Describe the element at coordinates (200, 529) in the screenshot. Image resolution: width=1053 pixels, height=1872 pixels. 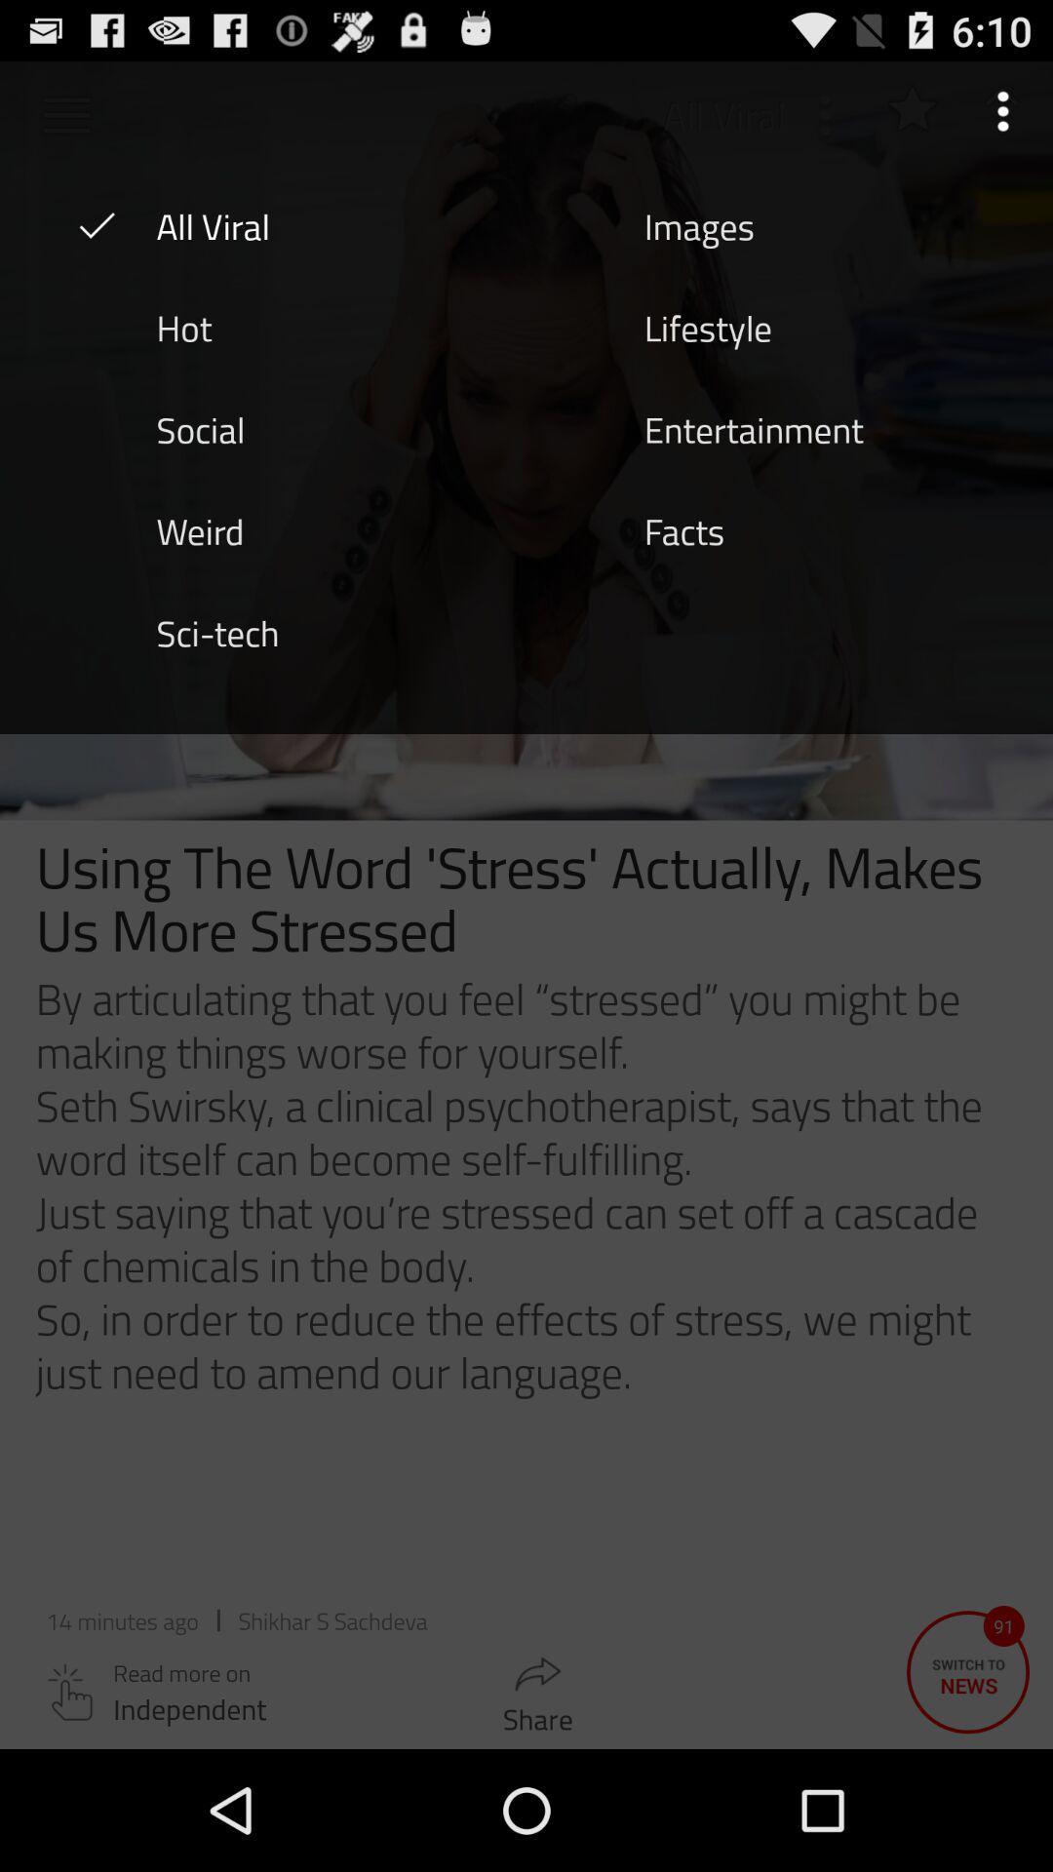
I see `item below social item` at that location.